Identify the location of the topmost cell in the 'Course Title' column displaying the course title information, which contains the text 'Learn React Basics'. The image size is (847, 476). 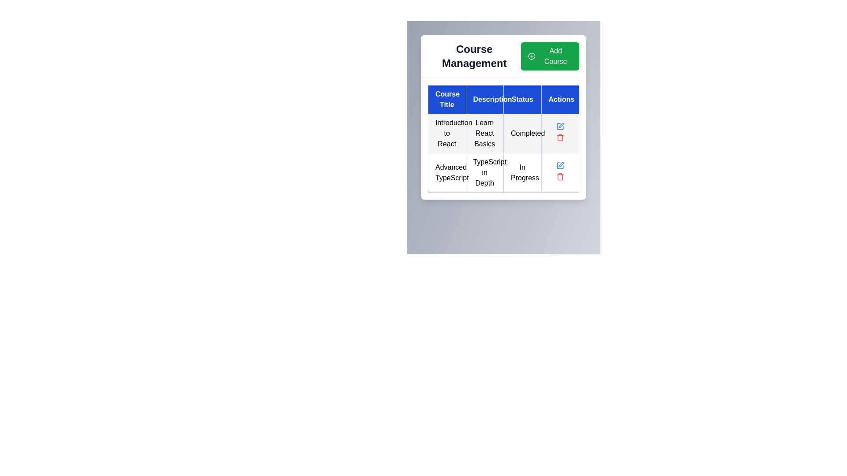
(447, 134).